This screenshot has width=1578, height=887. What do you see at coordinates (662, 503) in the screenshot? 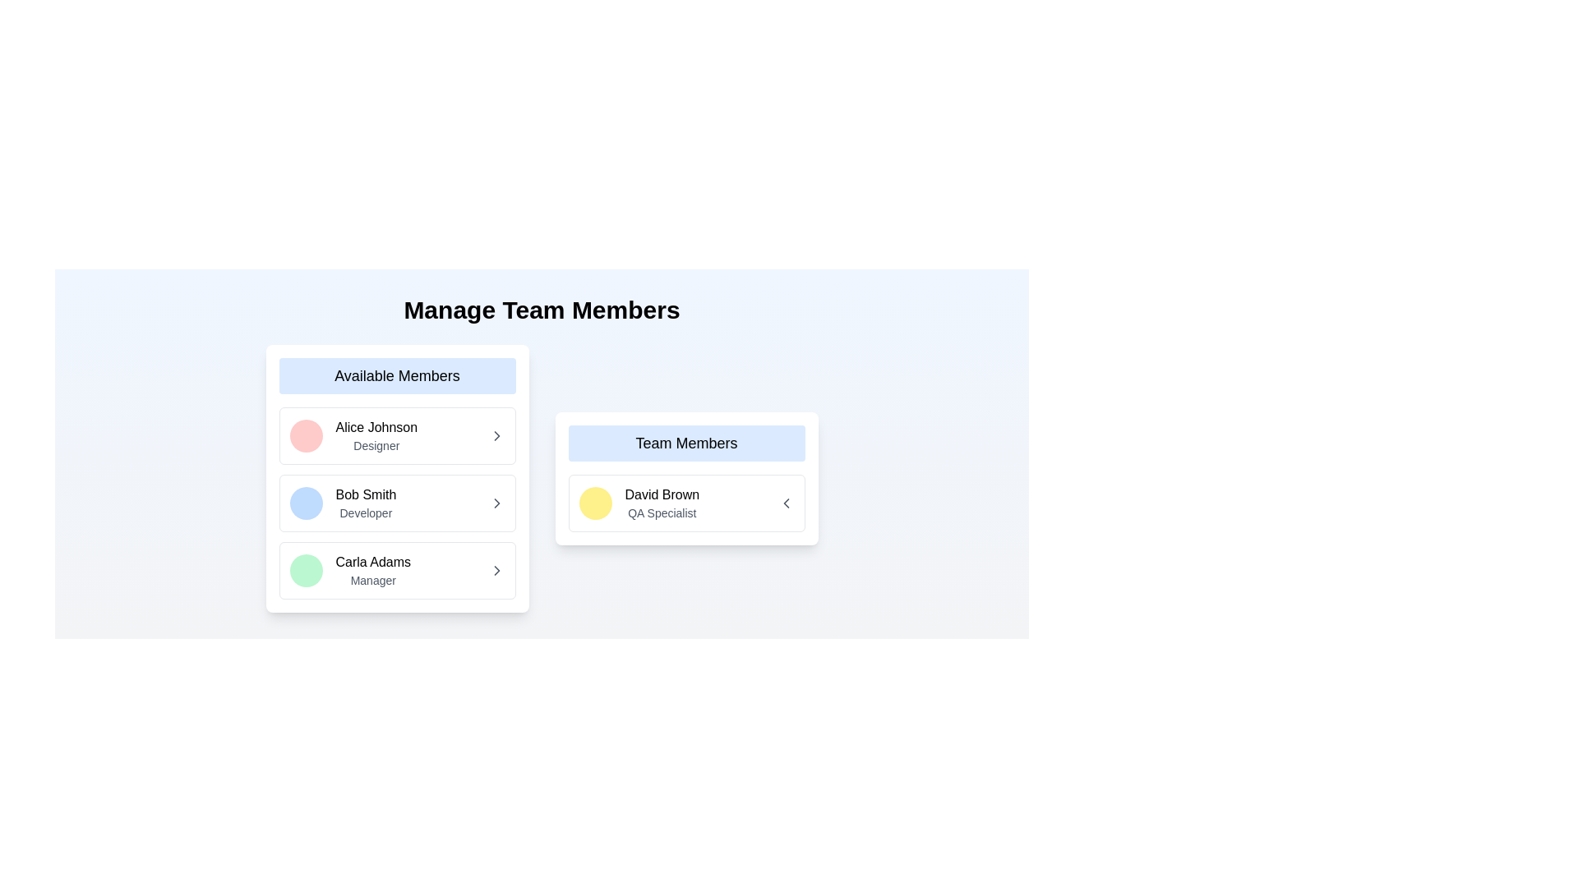
I see `text label displaying 'David Brown' and 'QA Specialist' located in the second column labeled 'Team Members', positioned to the right of a circular yellow avatar` at bounding box center [662, 503].